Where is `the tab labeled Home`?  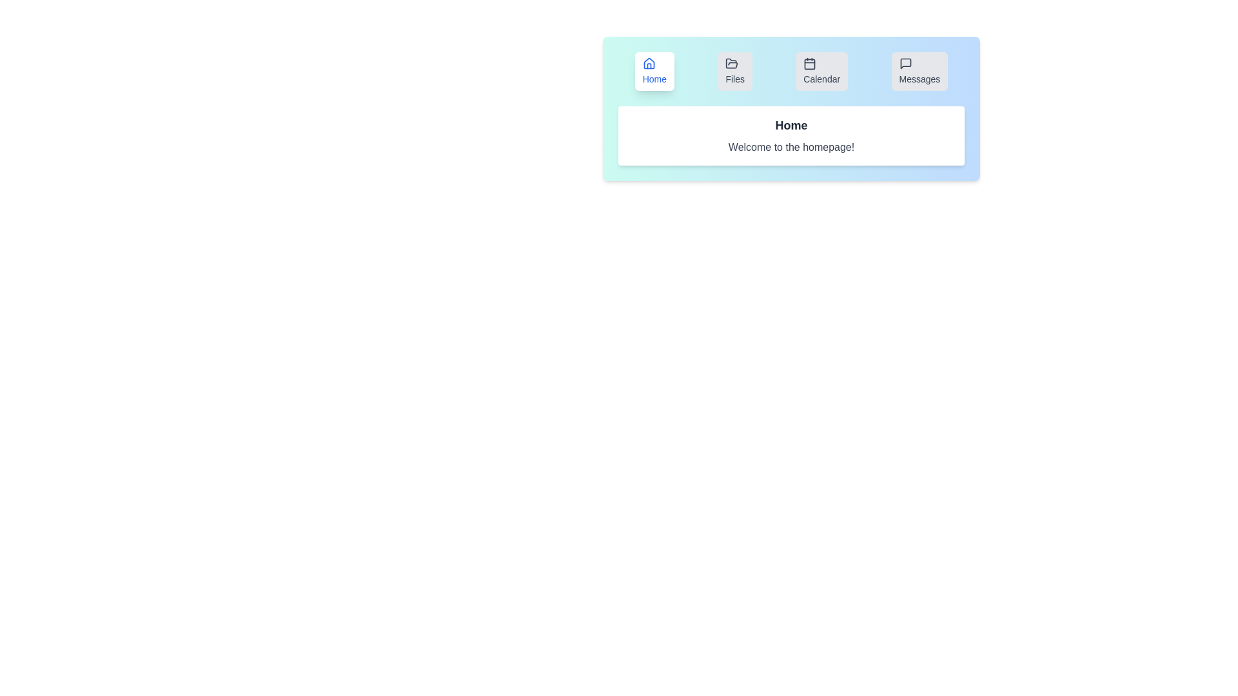
the tab labeled Home is located at coordinates (654, 72).